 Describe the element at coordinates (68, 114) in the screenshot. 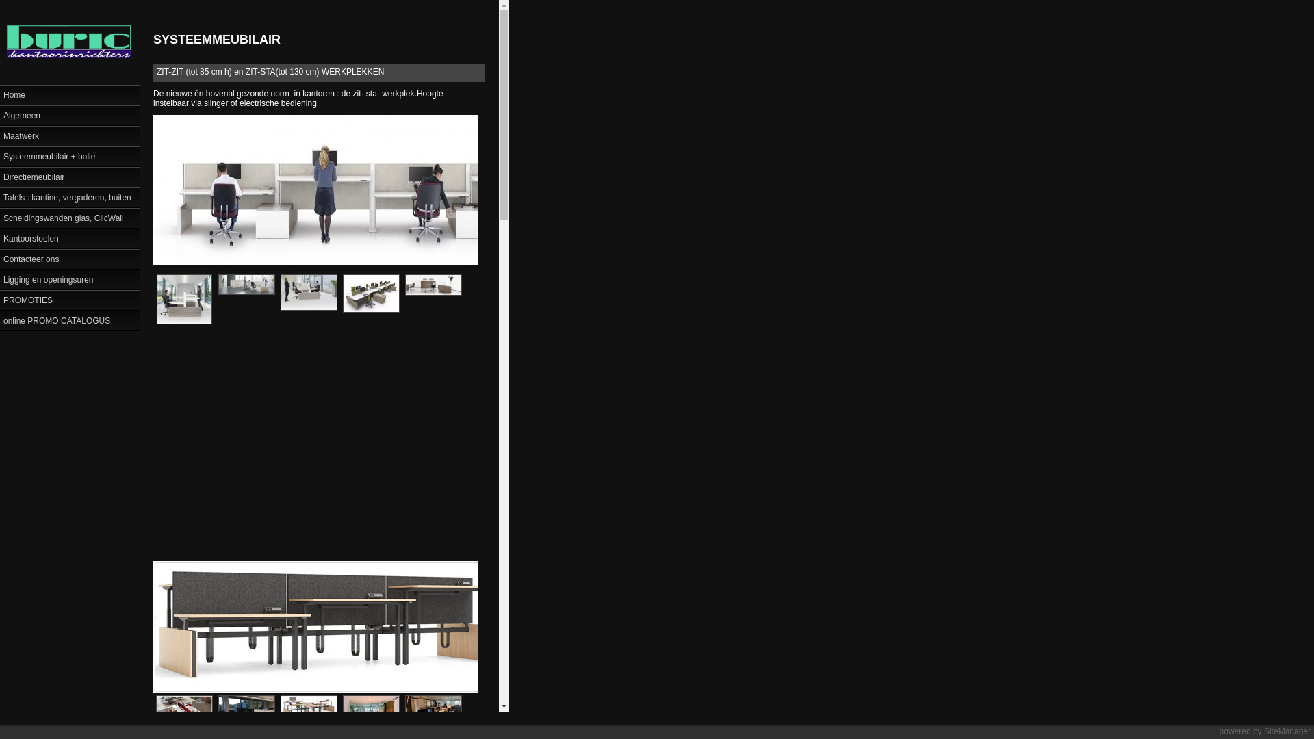

I see `'Algemeen'` at that location.